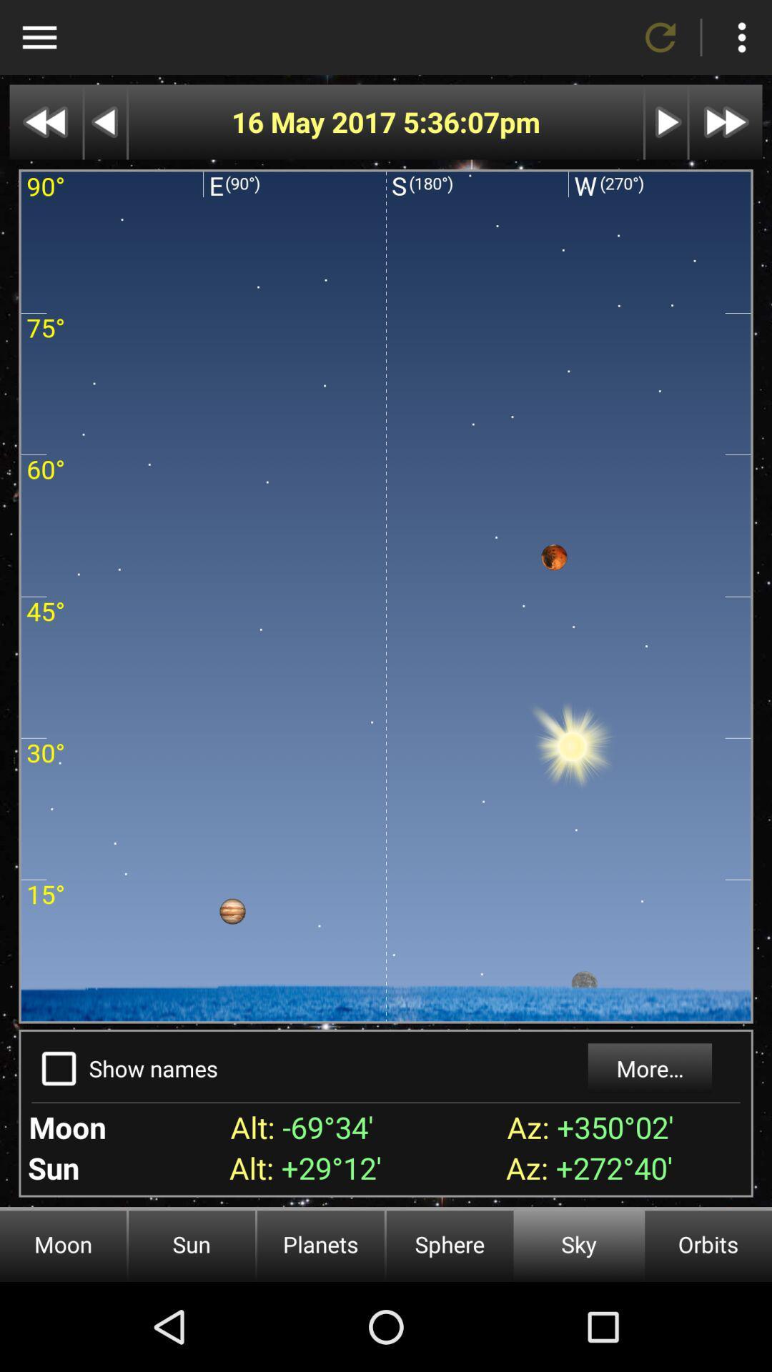 The image size is (772, 1372). What do you see at coordinates (660, 37) in the screenshot?
I see `the refresh icon` at bounding box center [660, 37].